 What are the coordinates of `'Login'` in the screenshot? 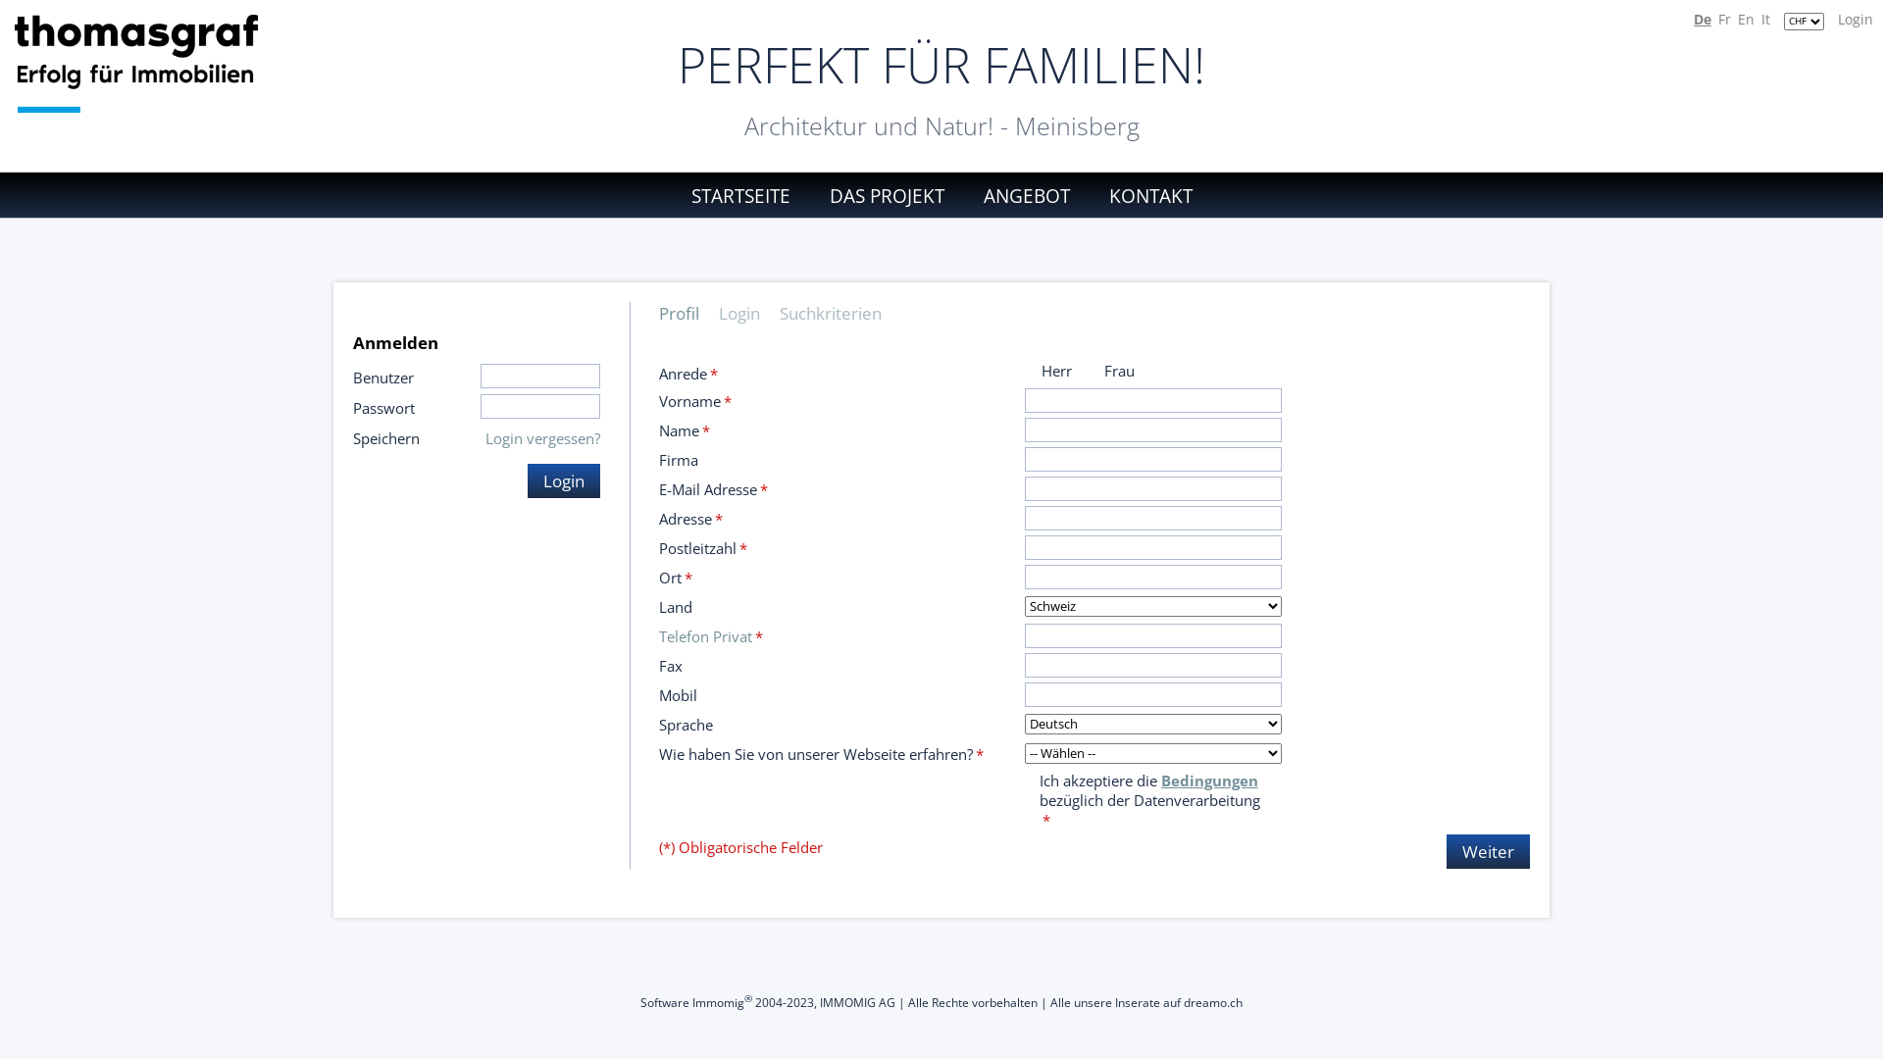 It's located at (747, 312).